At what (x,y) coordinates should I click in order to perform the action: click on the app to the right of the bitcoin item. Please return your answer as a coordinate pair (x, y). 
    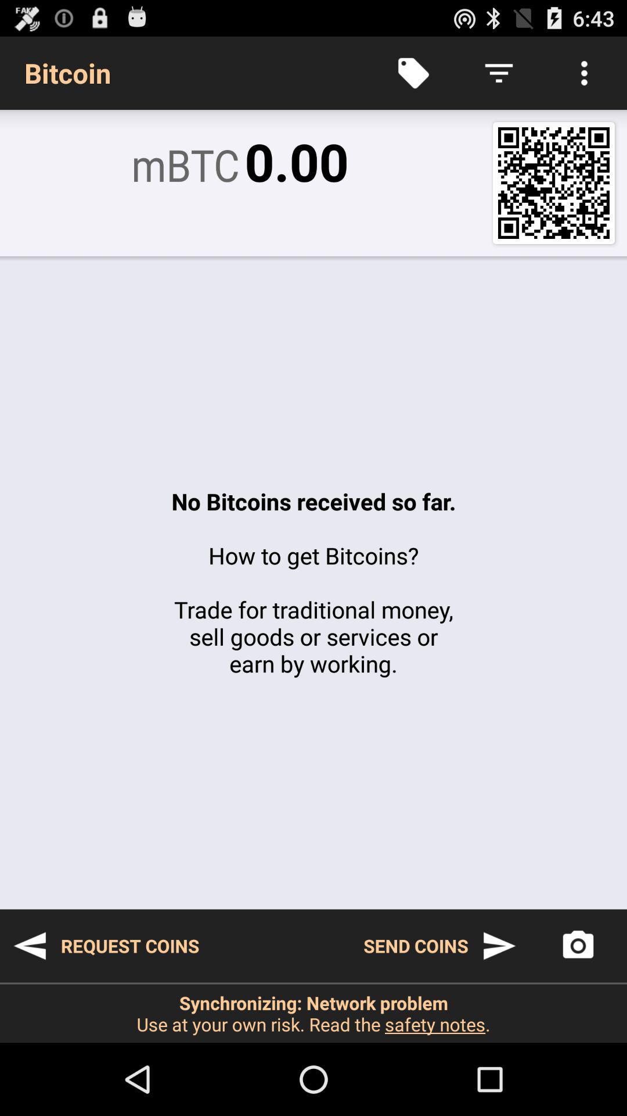
    Looking at the image, I should click on (413, 72).